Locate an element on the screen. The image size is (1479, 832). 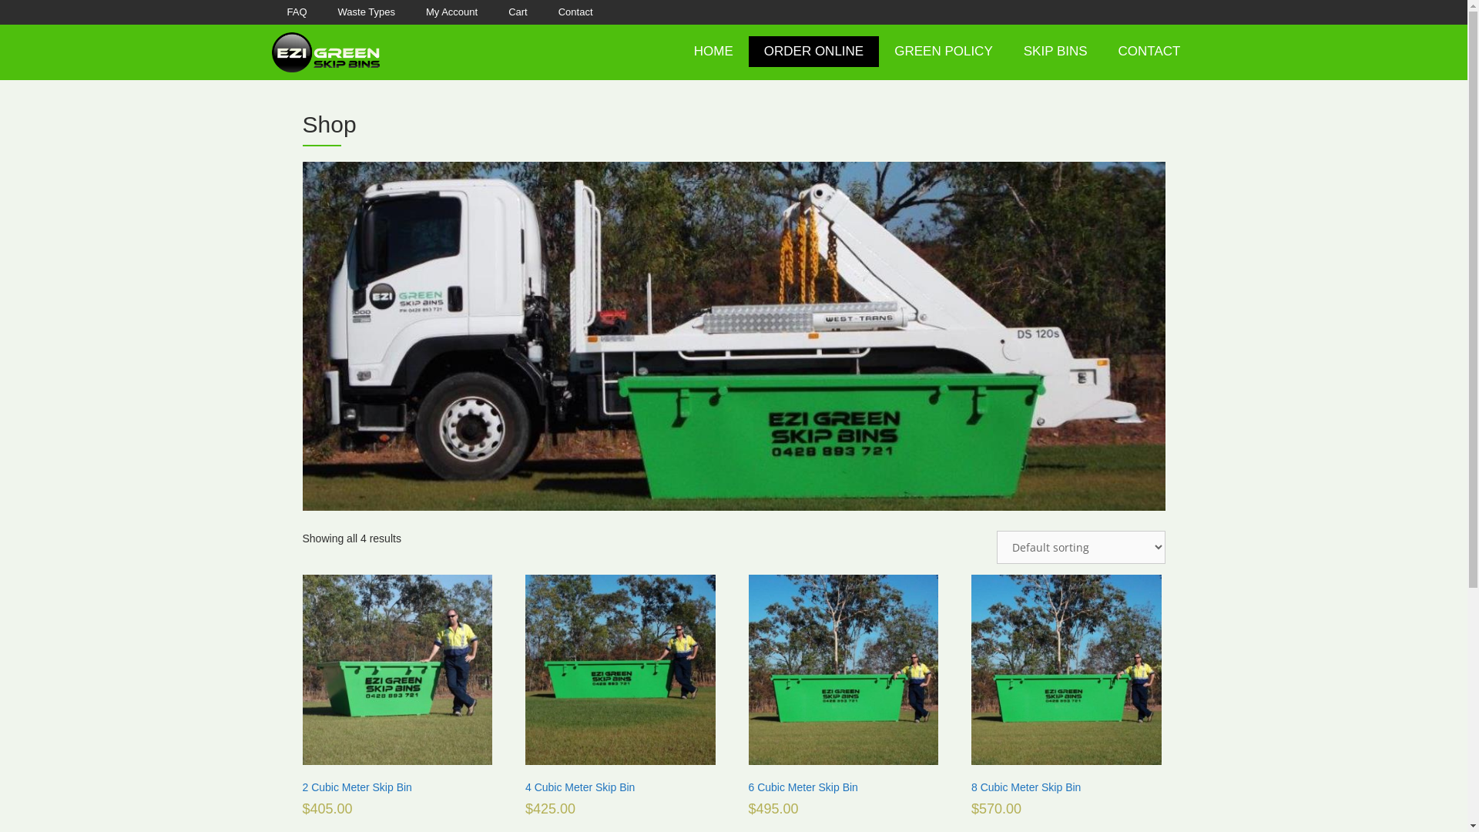
'Ezi Green Skip Bins' is located at coordinates (324, 52).